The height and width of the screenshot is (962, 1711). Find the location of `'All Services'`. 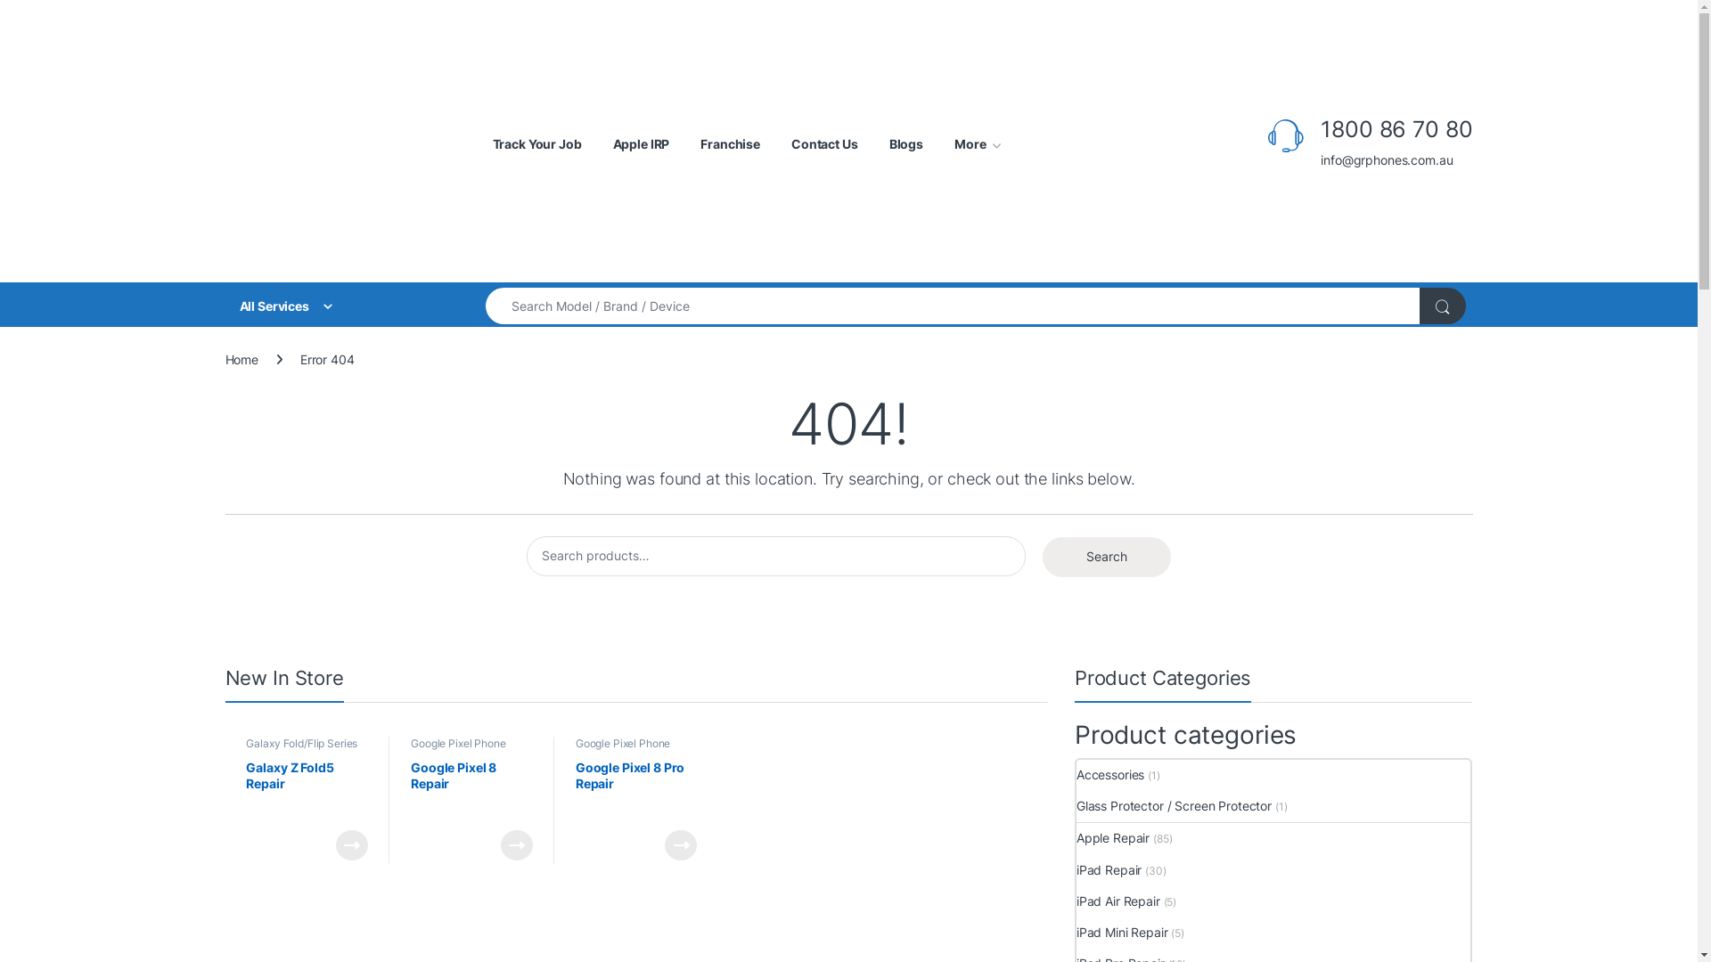

'All Services' is located at coordinates (338, 305).